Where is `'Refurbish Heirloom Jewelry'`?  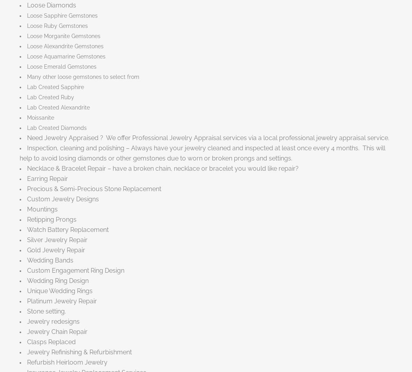
'Refurbish Heirloom Jewelry' is located at coordinates (67, 361).